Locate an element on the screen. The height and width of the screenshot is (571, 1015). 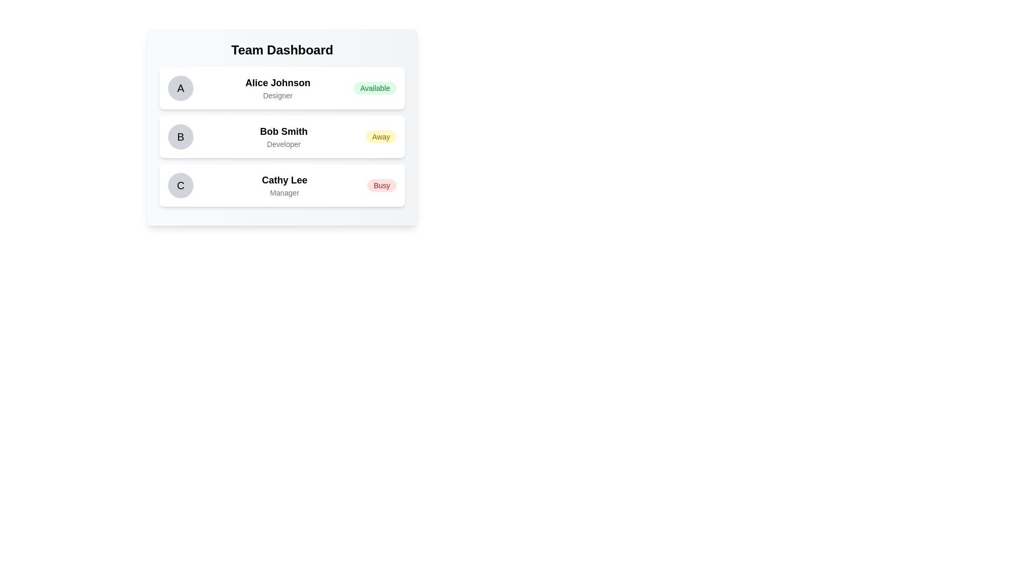
the bold text element displaying the name 'Cathy Lee', which is centrally located under the circular icon marked 'C' and above the designation 'Manager' is located at coordinates (284, 179).